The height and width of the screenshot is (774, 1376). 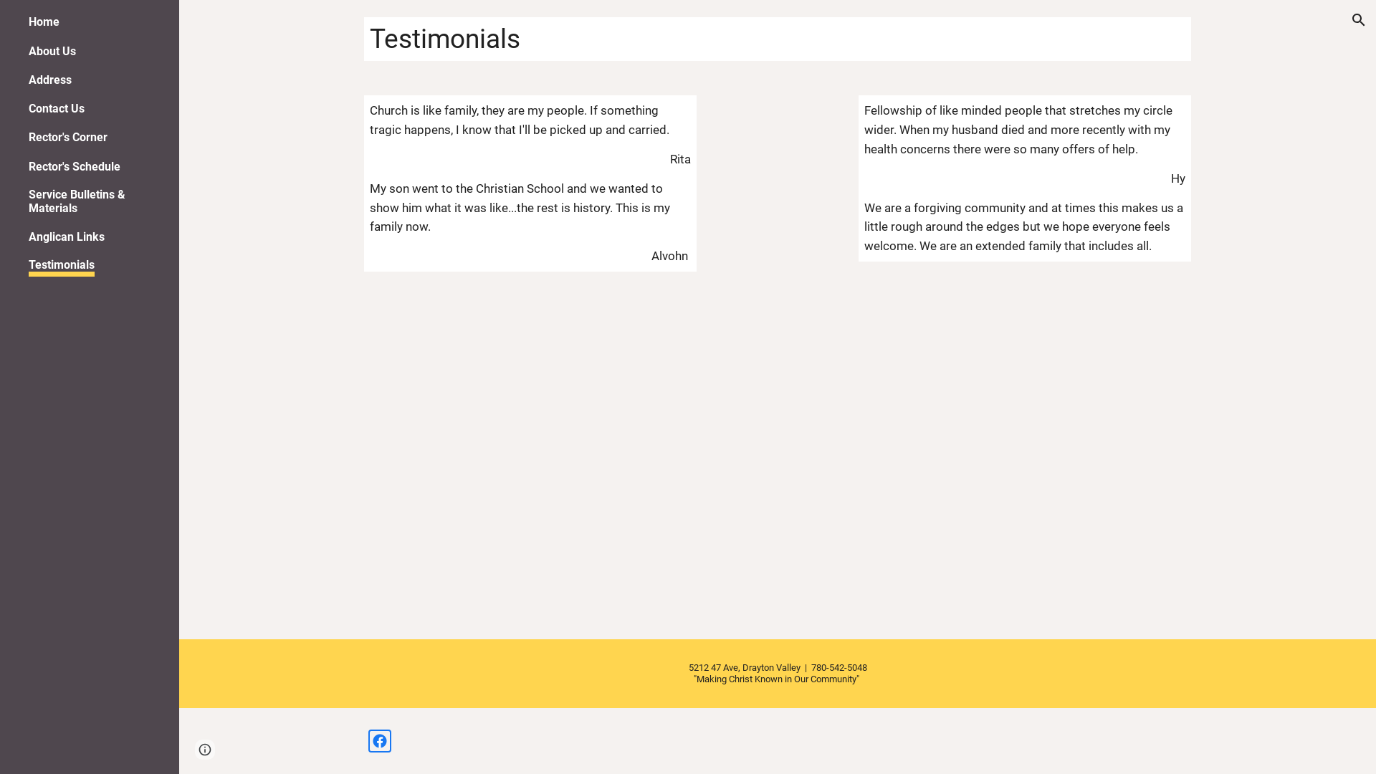 I want to click on 'Rector's Corner', so click(x=67, y=137).